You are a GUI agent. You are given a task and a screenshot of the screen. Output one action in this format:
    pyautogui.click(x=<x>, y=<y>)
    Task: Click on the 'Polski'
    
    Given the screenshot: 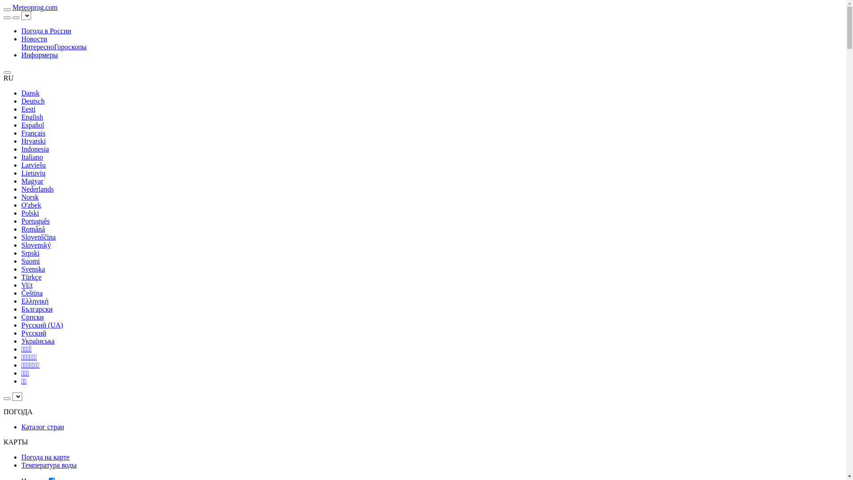 What is the action you would take?
    pyautogui.click(x=30, y=213)
    